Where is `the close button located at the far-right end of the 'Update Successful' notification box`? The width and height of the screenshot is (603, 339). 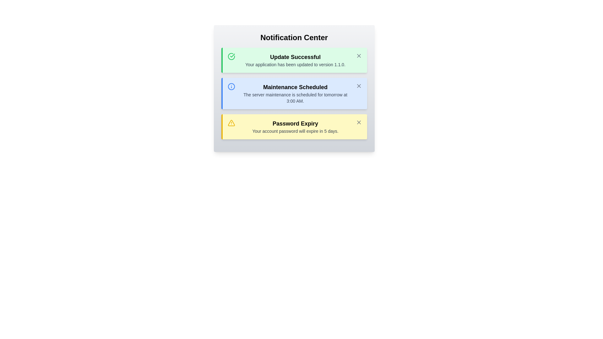
the close button located at the far-right end of the 'Update Successful' notification box is located at coordinates (359, 55).